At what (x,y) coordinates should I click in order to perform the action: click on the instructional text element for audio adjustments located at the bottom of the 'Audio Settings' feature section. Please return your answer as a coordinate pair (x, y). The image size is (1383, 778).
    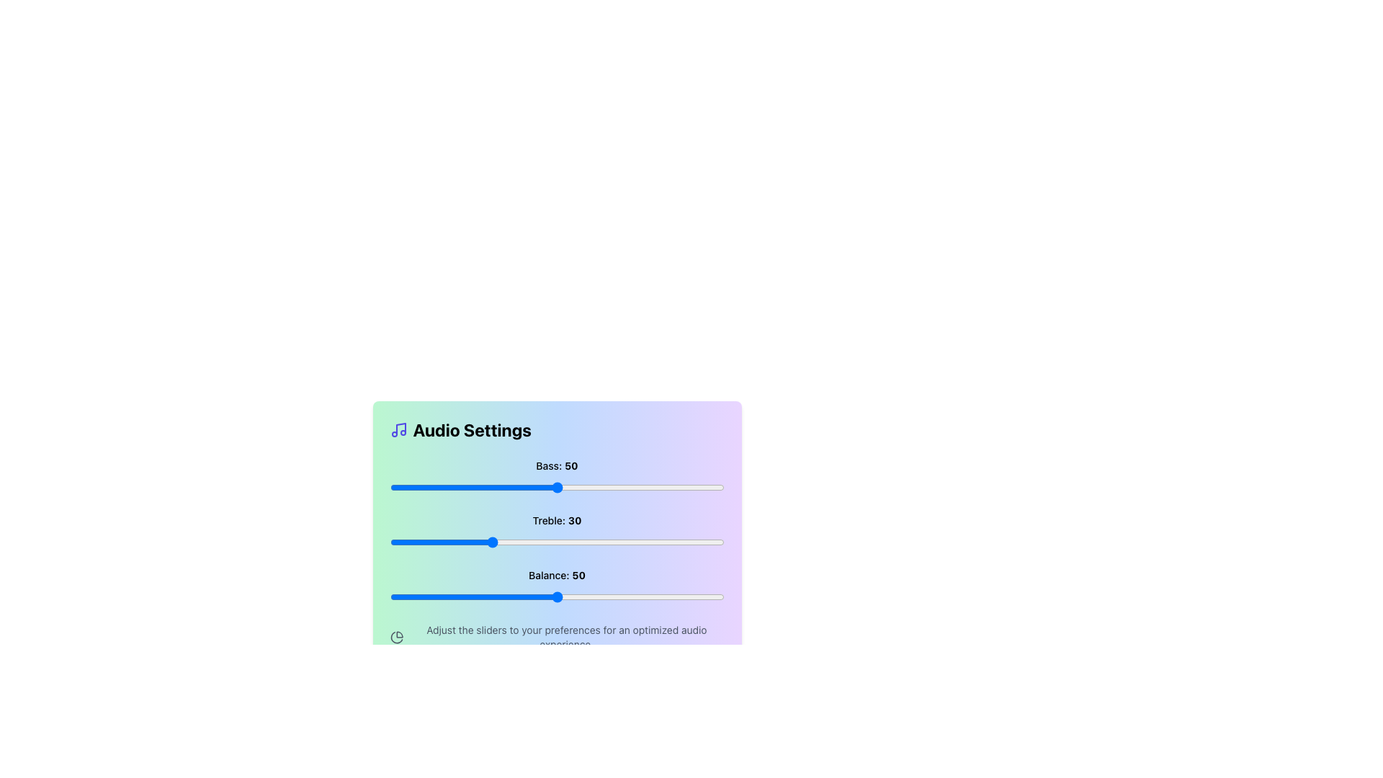
    Looking at the image, I should click on (565, 636).